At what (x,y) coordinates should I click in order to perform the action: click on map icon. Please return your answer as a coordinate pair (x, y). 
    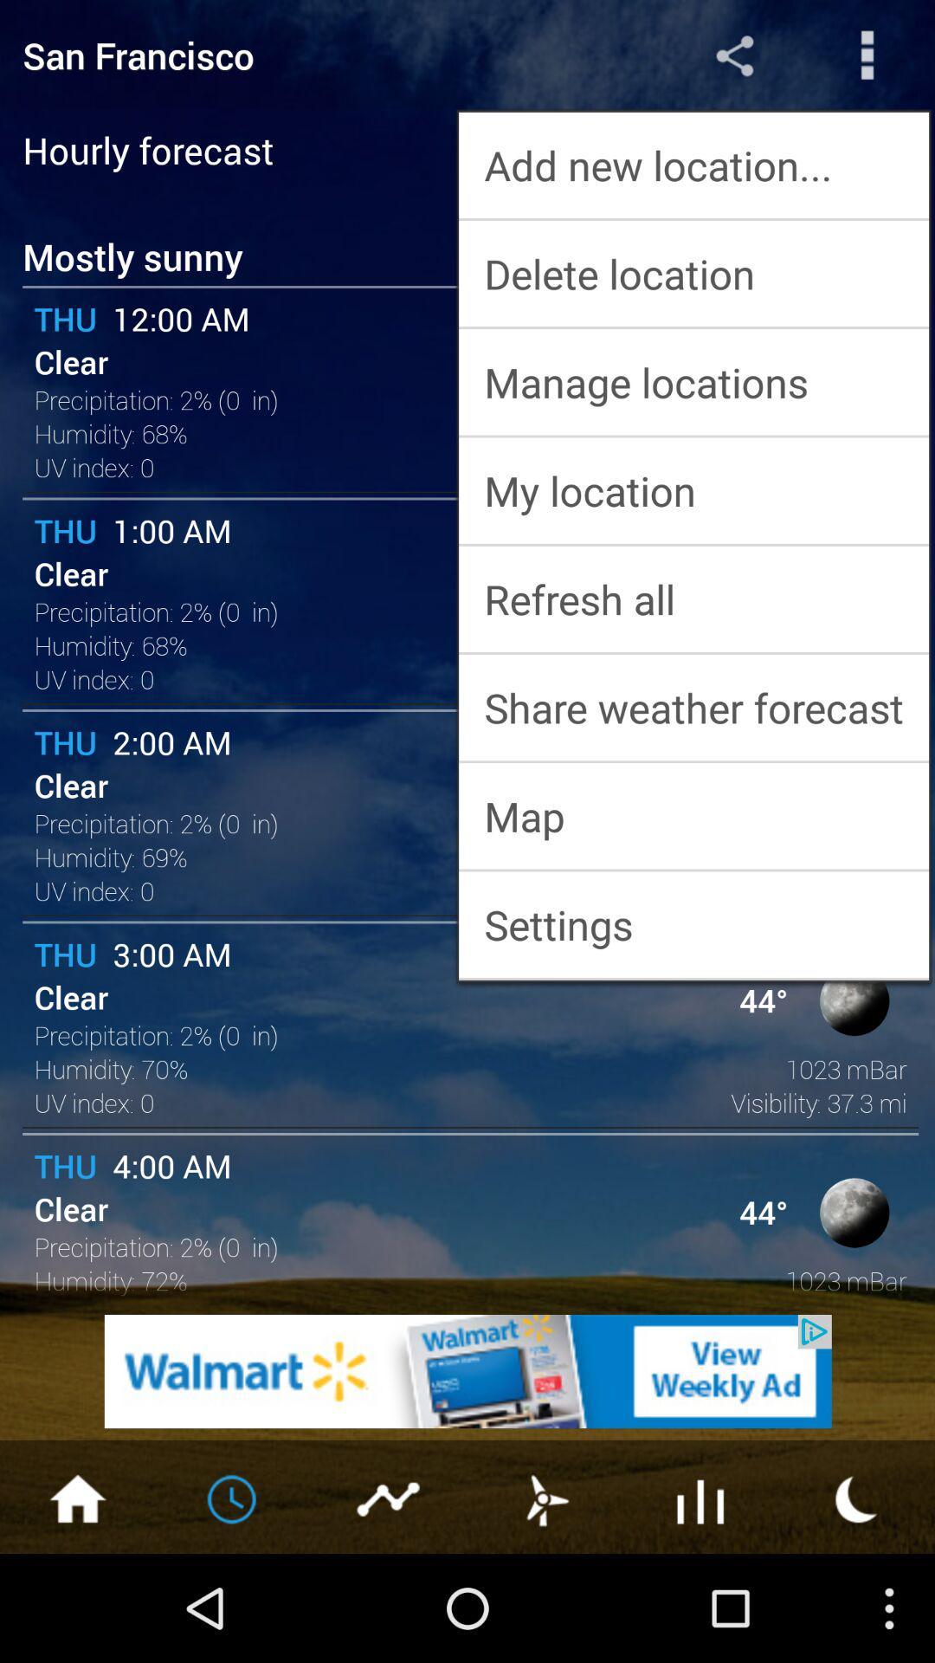
    Looking at the image, I should click on (693, 815).